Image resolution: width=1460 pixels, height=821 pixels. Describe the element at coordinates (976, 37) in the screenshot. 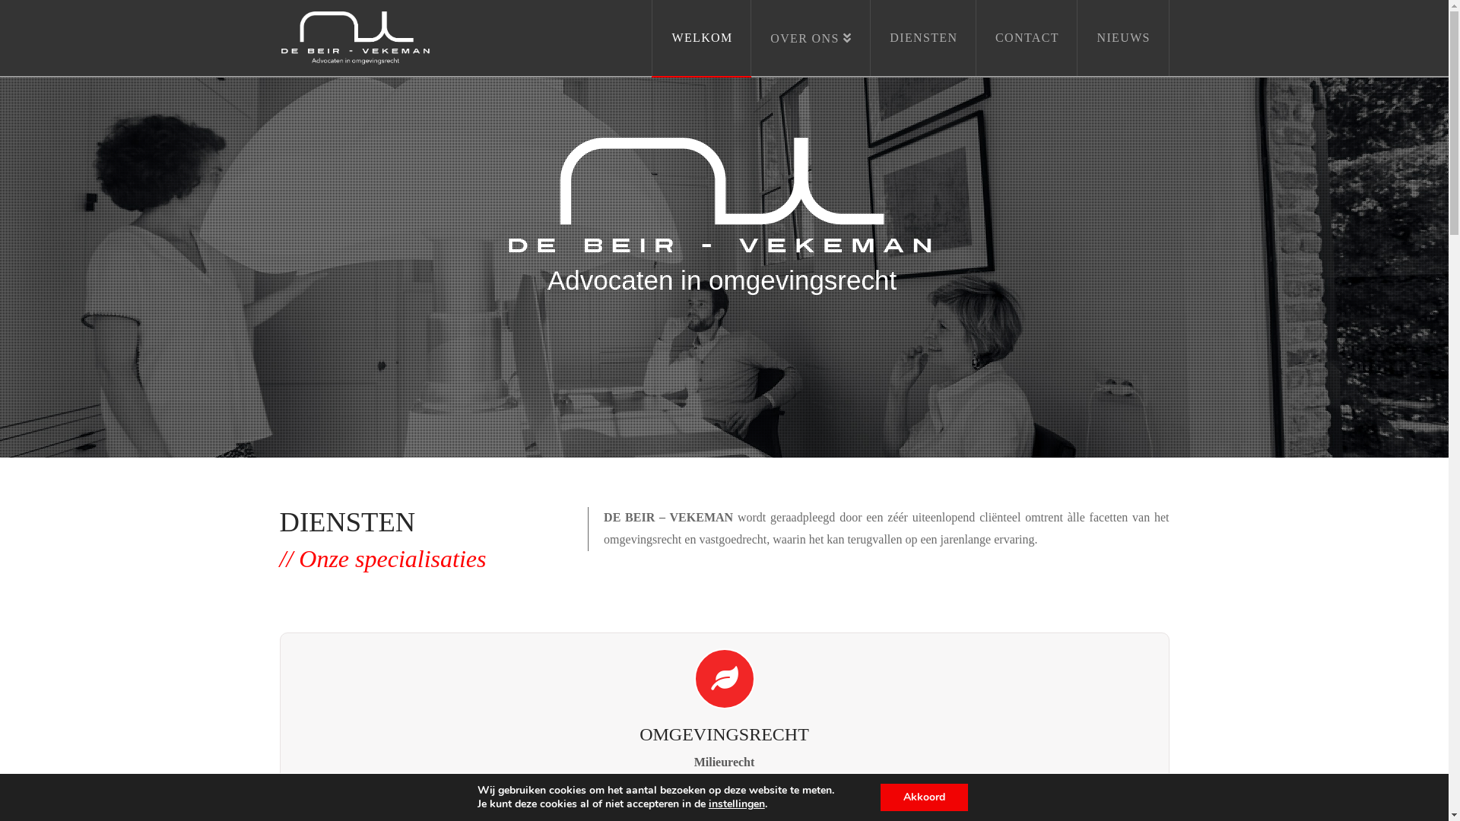

I see `'CONTACT'` at that location.